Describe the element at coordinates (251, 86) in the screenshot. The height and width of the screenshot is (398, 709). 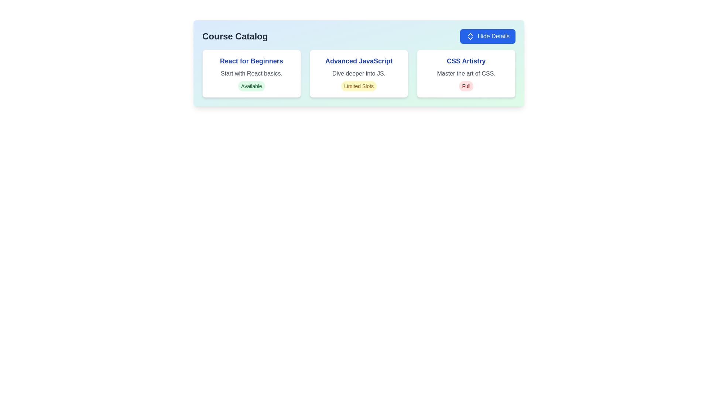
I see `the 'Available' label, which is a small rounded rectangle with a light green background and green text, located below the 'Start with React basics.' text in the 'React for Beginners' card in the Course Catalog section` at that location.